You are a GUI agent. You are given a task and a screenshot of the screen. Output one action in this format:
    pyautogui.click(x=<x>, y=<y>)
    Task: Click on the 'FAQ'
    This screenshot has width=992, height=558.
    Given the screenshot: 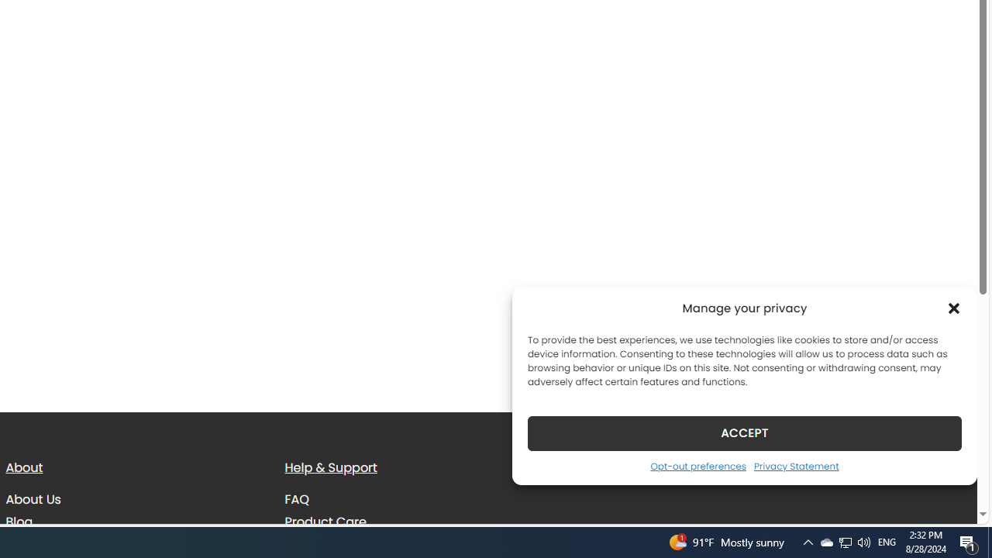 What is the action you would take?
    pyautogui.click(x=297, y=499)
    